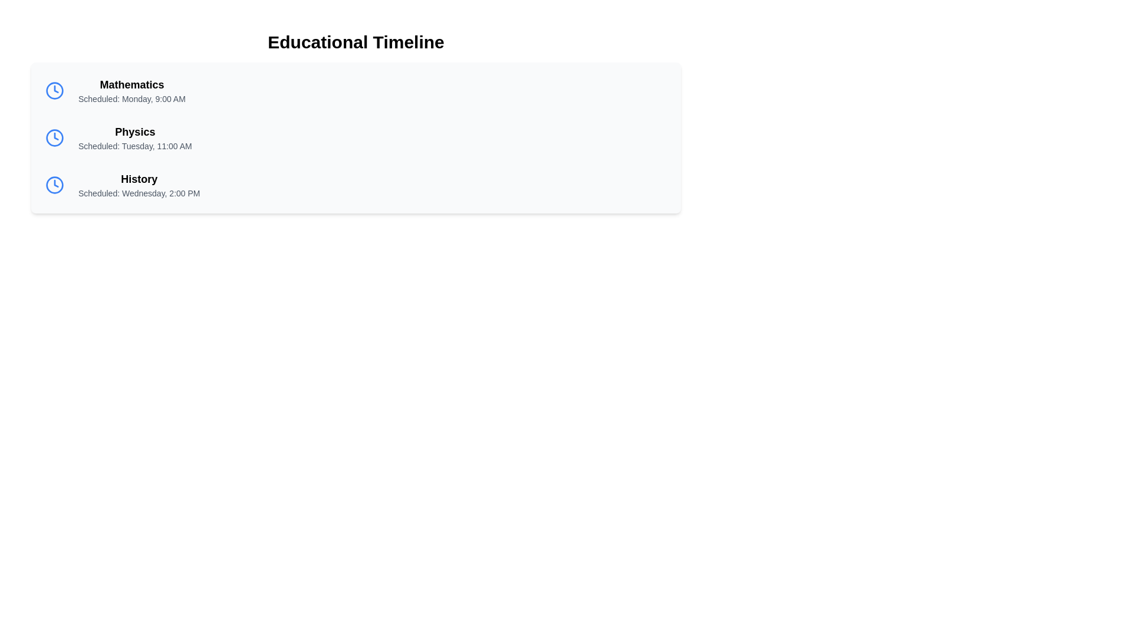 The height and width of the screenshot is (637, 1132). I want to click on the 'History' information card, which displays the title 'History' in bold and the subtitle 'Scheduled: Wednesday, 2:00 PM', located in the Educational Timeline section of the UI, so click(356, 185).